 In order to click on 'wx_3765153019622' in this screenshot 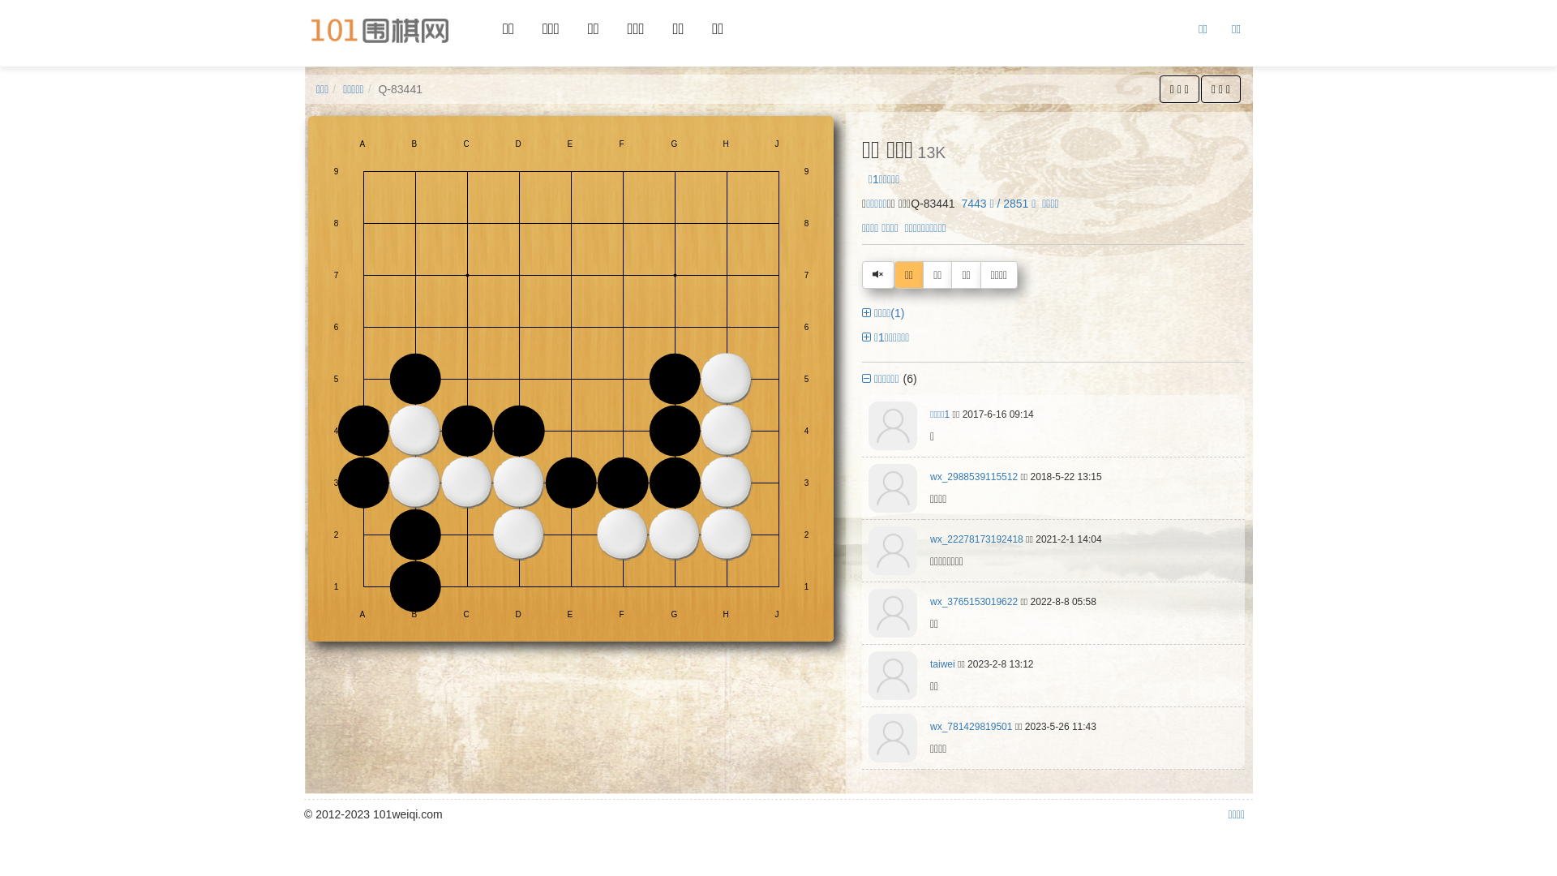, I will do `click(973, 601)`.